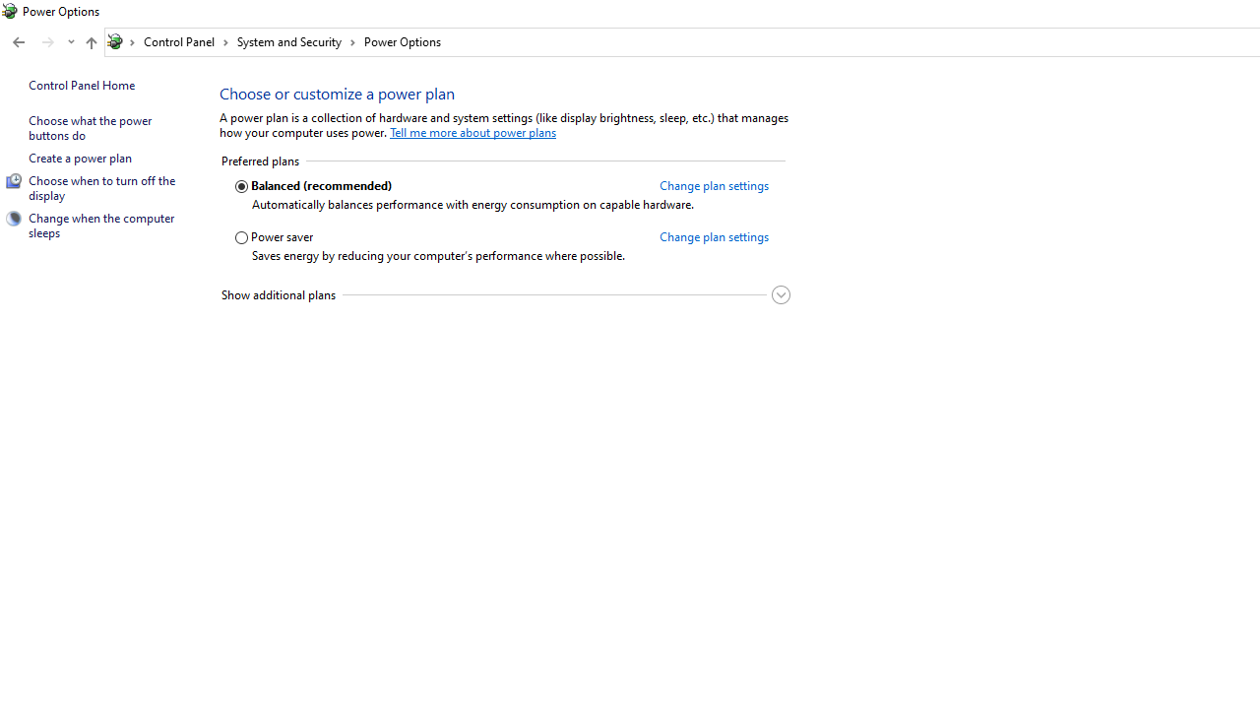 The width and height of the screenshot is (1260, 709). Describe the element at coordinates (19, 42) in the screenshot. I see `'Back to System and Security (Alt + Left Arrow)'` at that location.